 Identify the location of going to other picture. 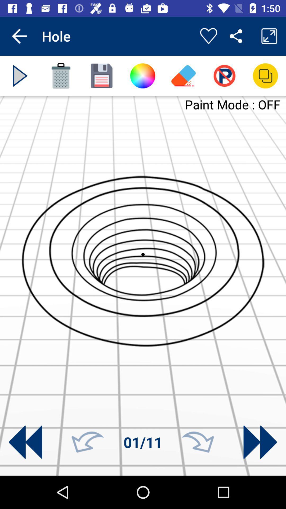
(25, 442).